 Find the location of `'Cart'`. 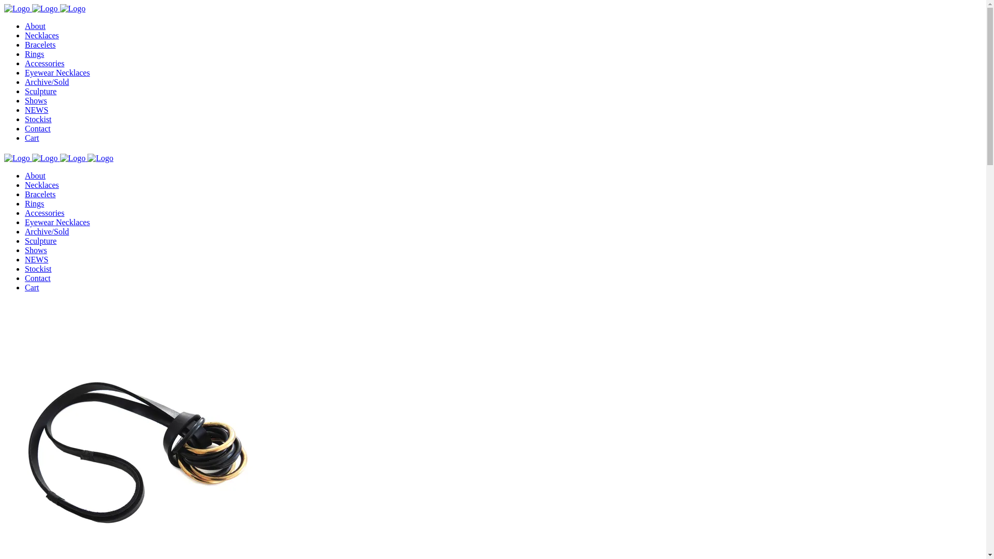

'Cart' is located at coordinates (25, 287).